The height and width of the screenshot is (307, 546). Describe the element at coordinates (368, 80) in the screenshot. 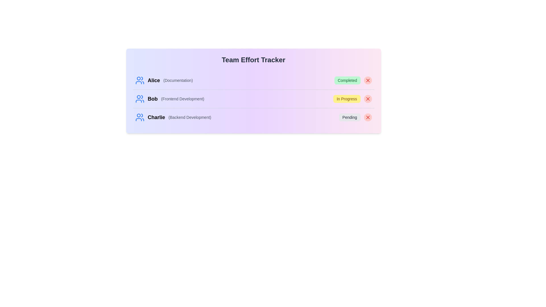

I see `'Remove Member' button for the team member Alice` at that location.